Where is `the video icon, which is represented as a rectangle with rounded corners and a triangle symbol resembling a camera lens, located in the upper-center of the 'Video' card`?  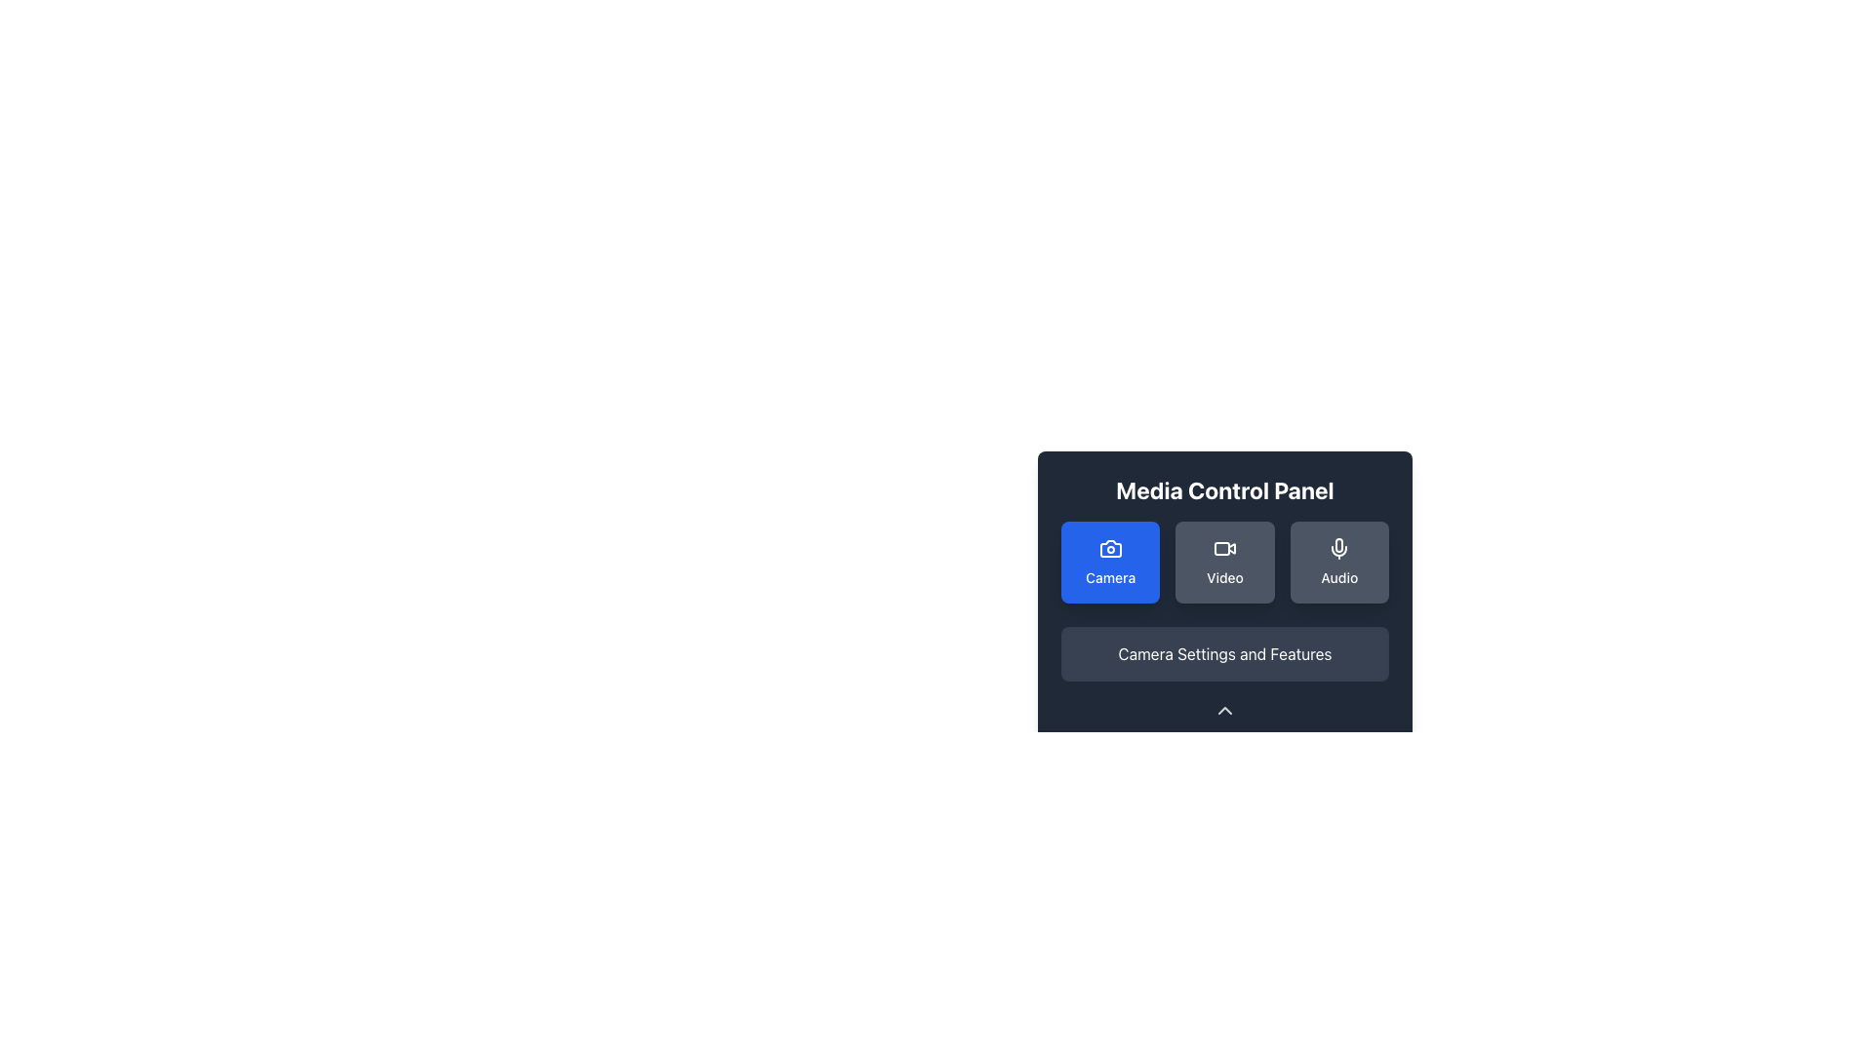
the video icon, which is represented as a rectangle with rounded corners and a triangle symbol resembling a camera lens, located in the upper-center of the 'Video' card is located at coordinates (1224, 549).